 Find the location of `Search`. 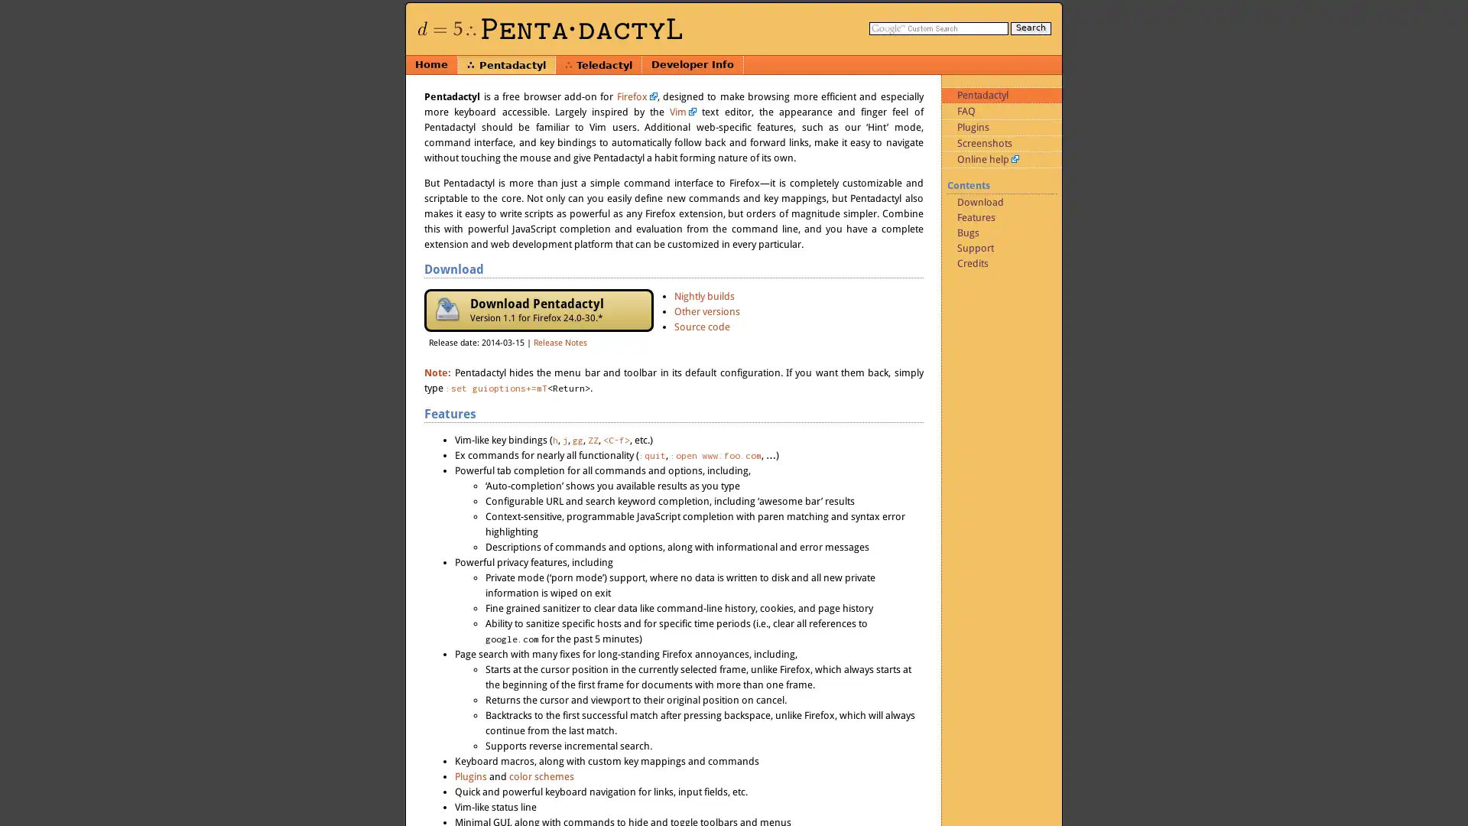

Search is located at coordinates (1031, 28).